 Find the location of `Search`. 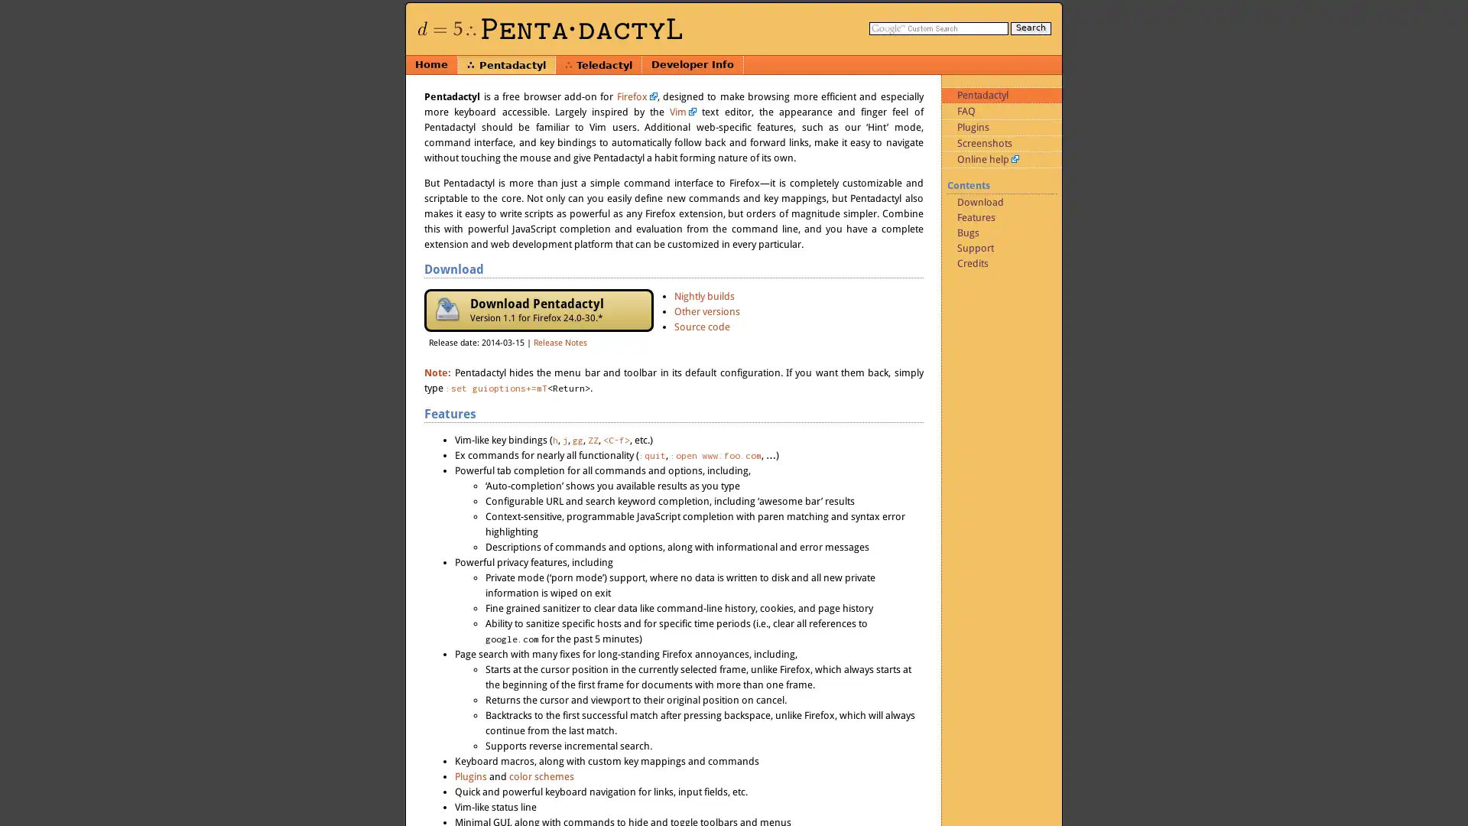

Search is located at coordinates (1031, 28).